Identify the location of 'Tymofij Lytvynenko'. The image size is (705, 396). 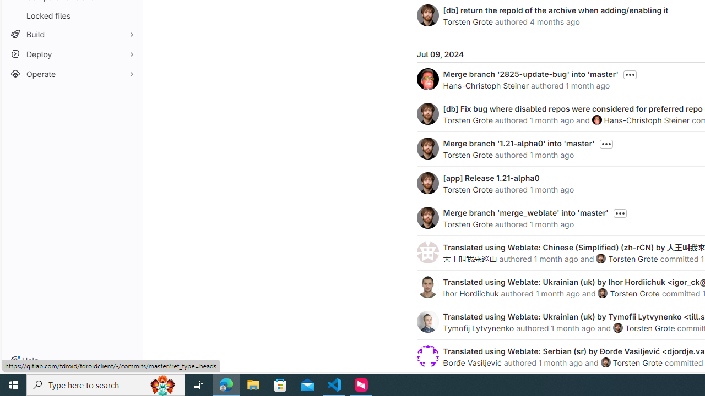
(427, 322).